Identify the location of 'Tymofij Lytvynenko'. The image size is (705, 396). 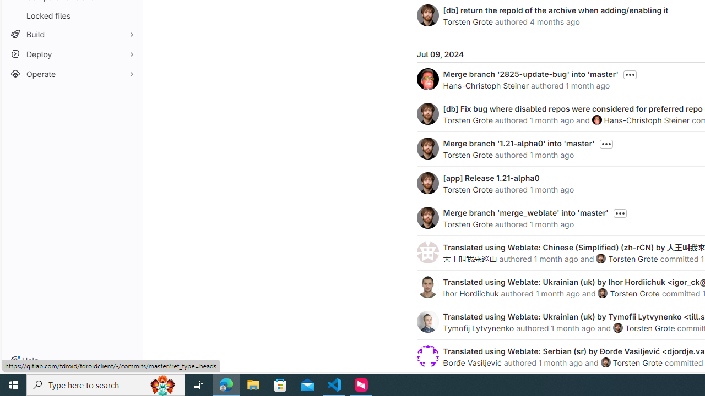
(427, 322).